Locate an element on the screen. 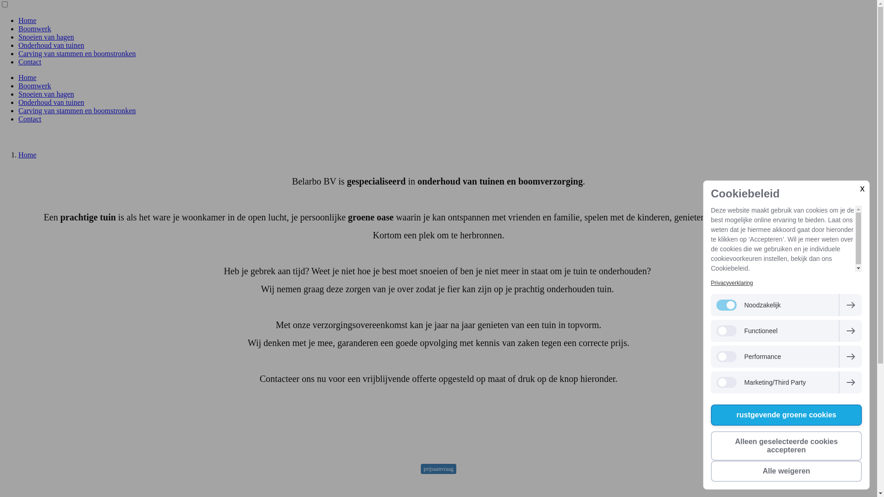  'rustgevende groene cookies' is located at coordinates (710, 415).